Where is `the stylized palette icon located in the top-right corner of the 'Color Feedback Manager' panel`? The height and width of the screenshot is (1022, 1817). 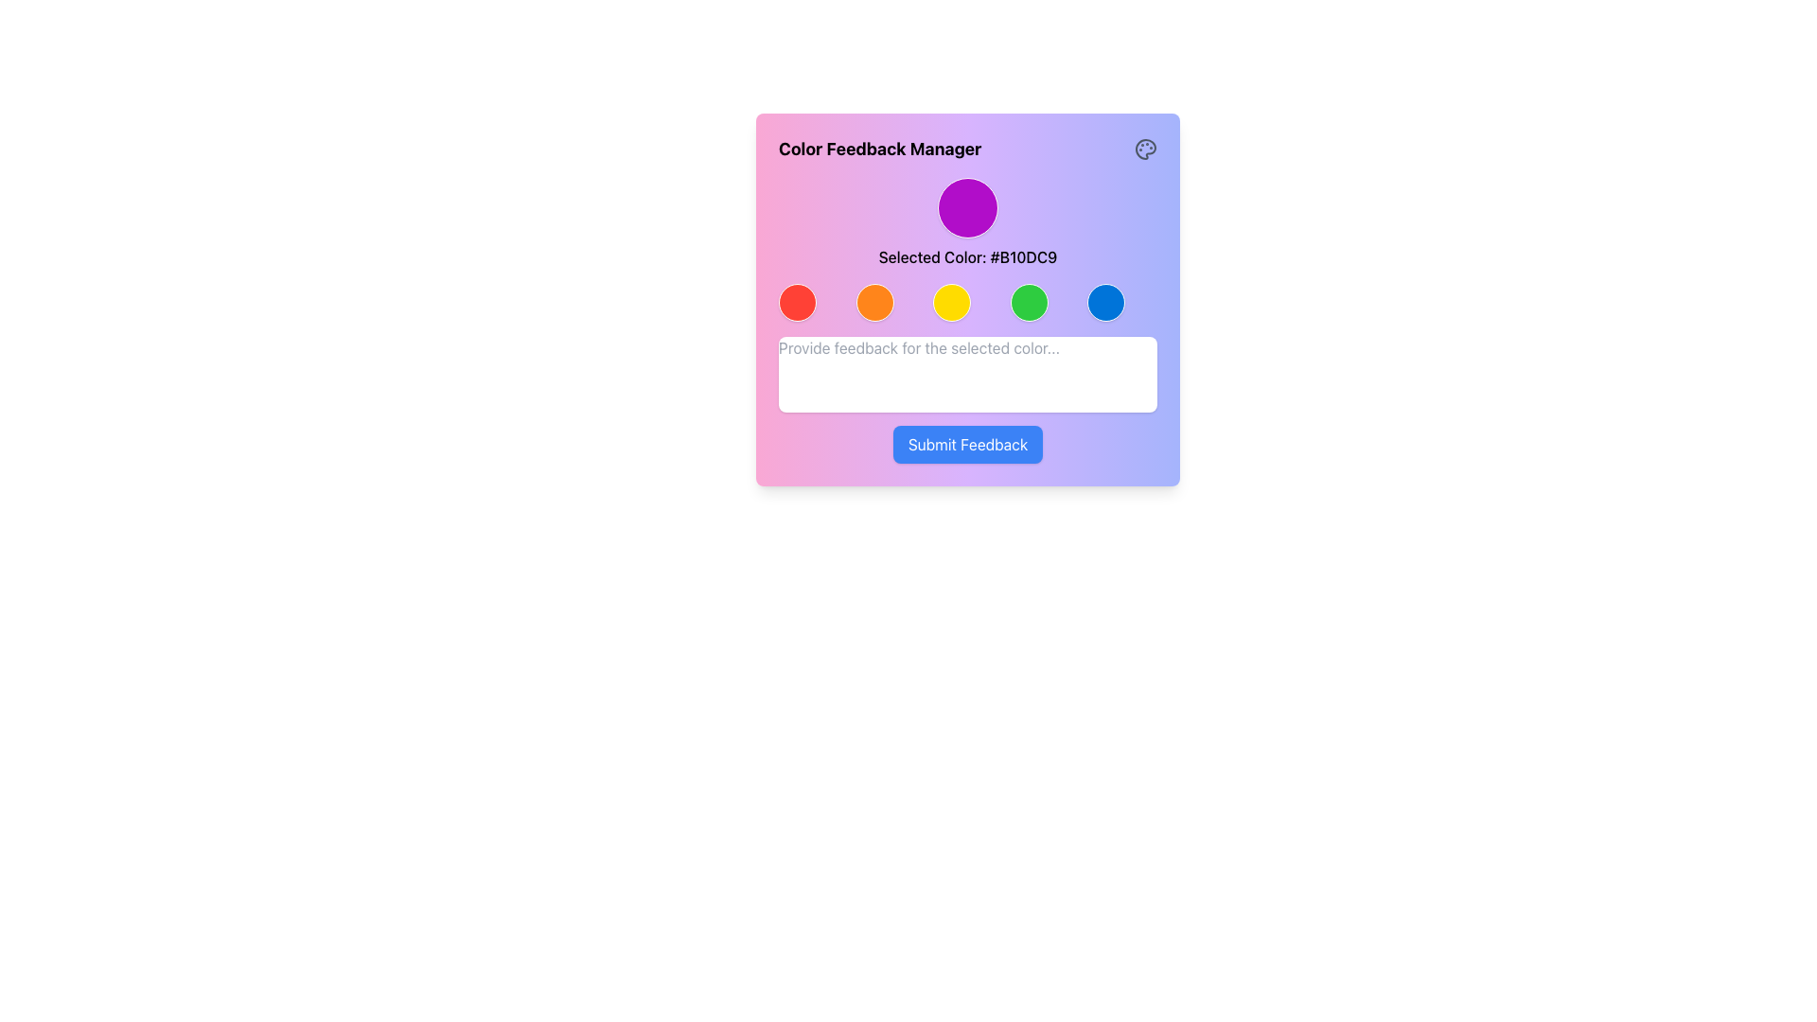 the stylized palette icon located in the top-right corner of the 'Color Feedback Manager' panel is located at coordinates (1144, 149).